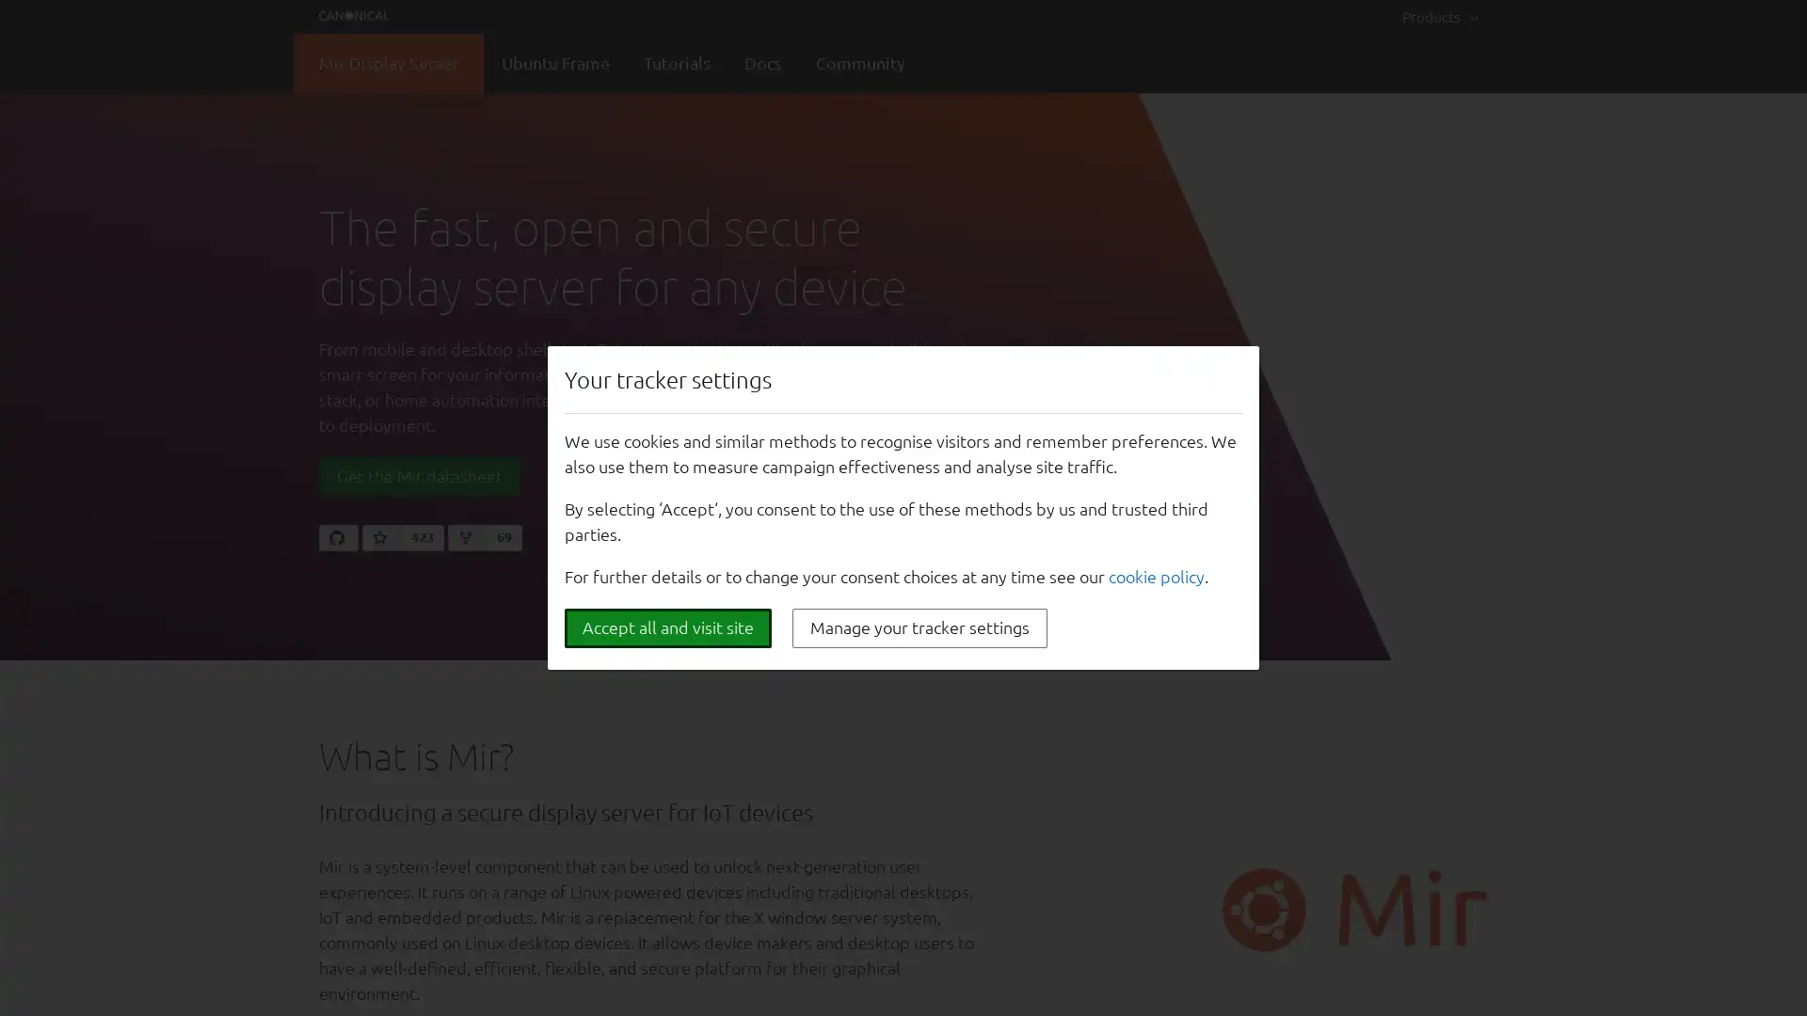  I want to click on Accept all and visit site, so click(668, 627).